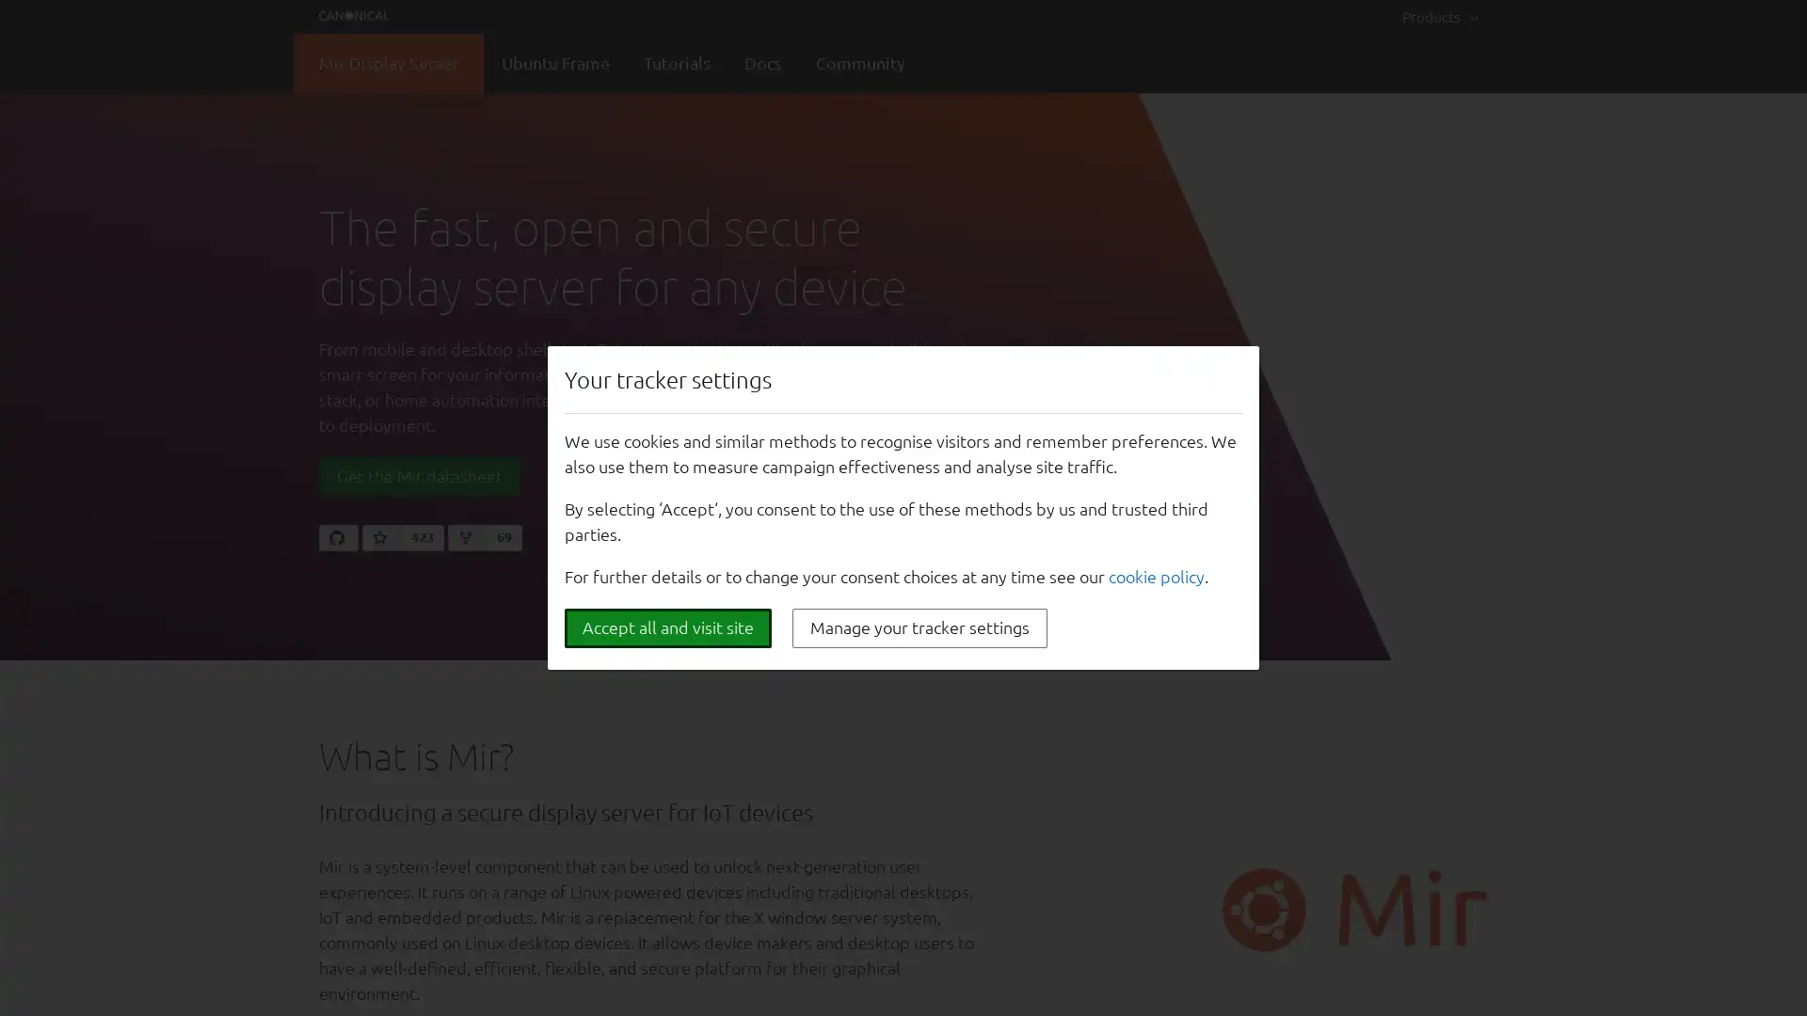  I want to click on Accept all and visit site, so click(668, 627).